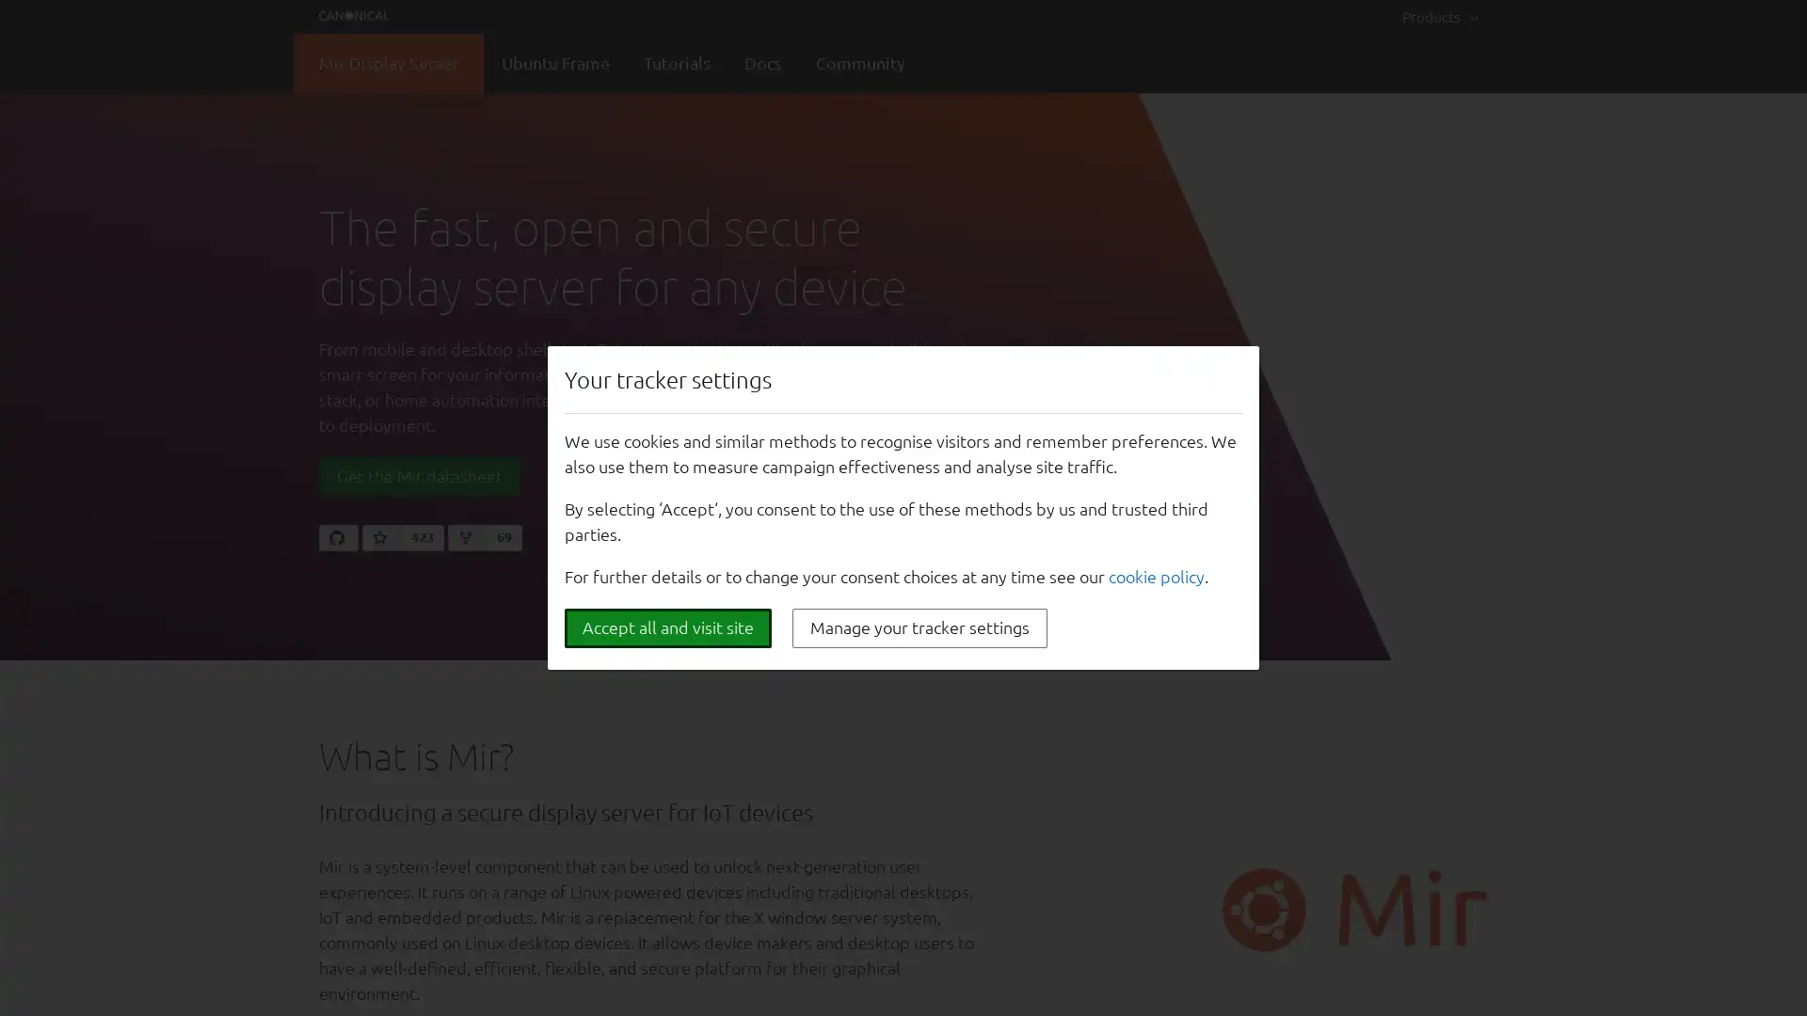  I want to click on Accept all and visit site, so click(668, 627).